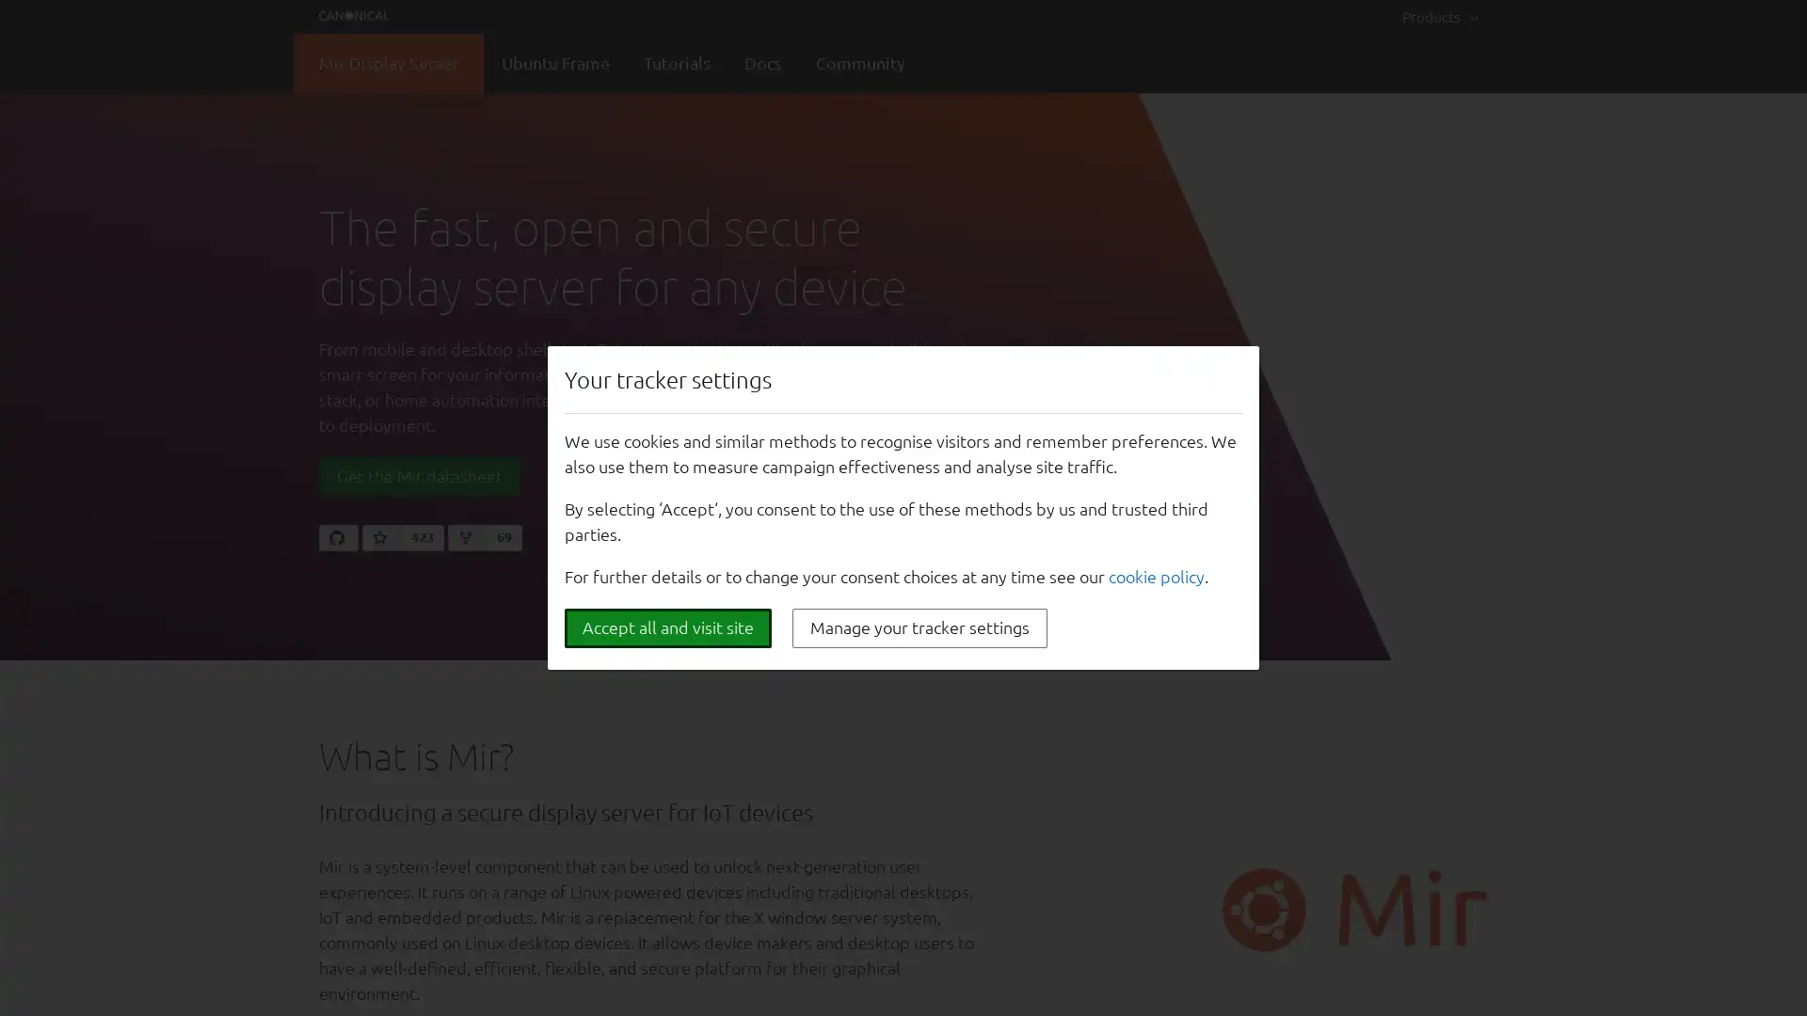  I want to click on Accept all and visit site, so click(668, 627).